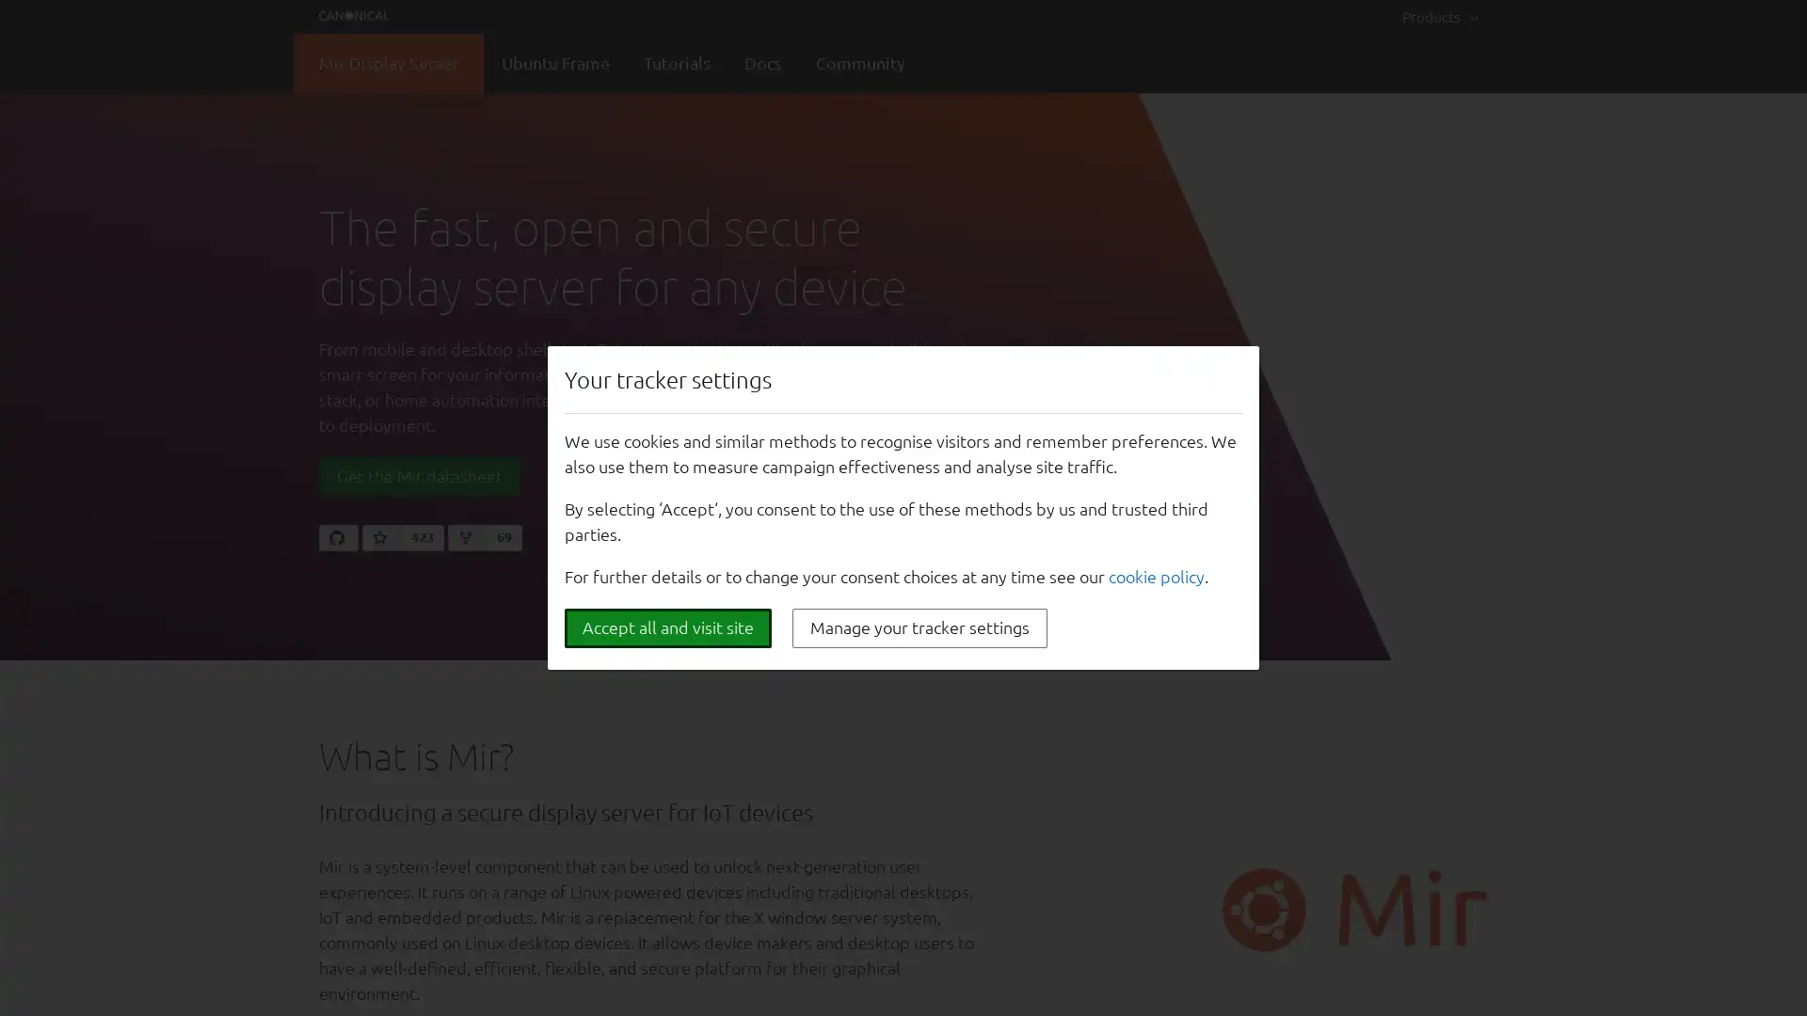  I want to click on Accept all and visit site, so click(668, 627).